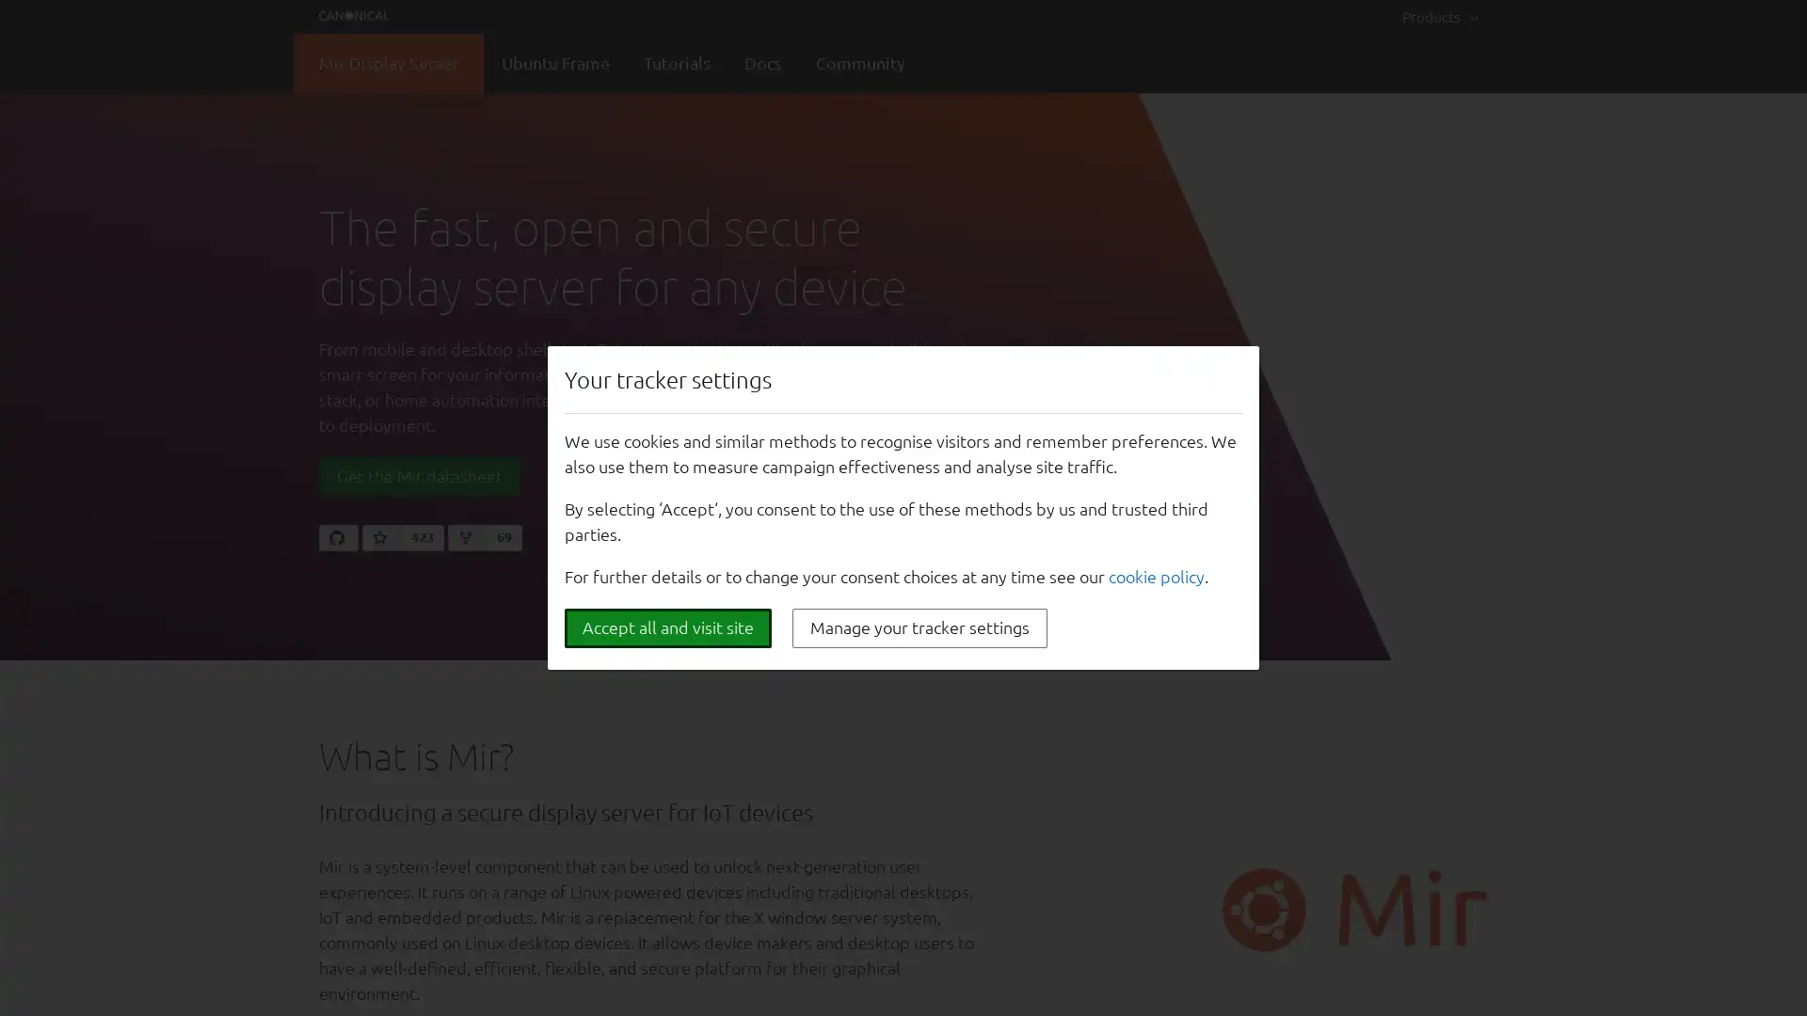  I want to click on Accept all and visit site, so click(668, 627).